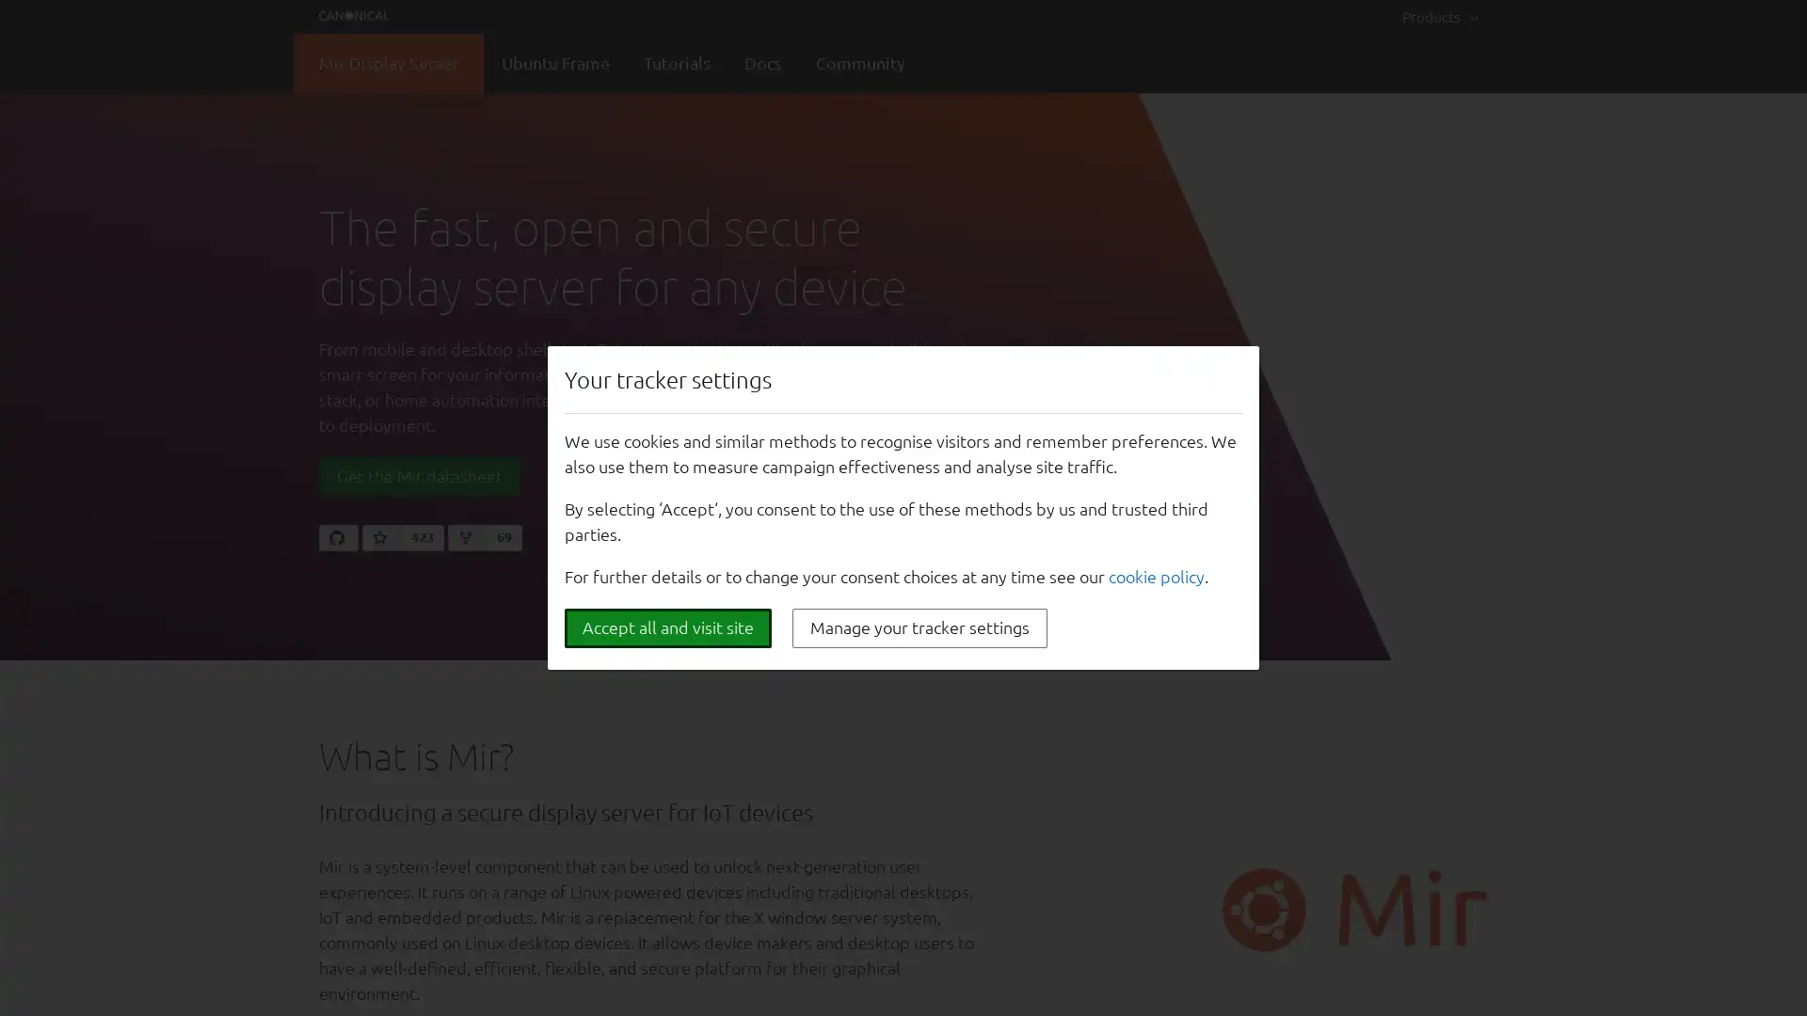  I want to click on Accept all and visit site, so click(668, 627).